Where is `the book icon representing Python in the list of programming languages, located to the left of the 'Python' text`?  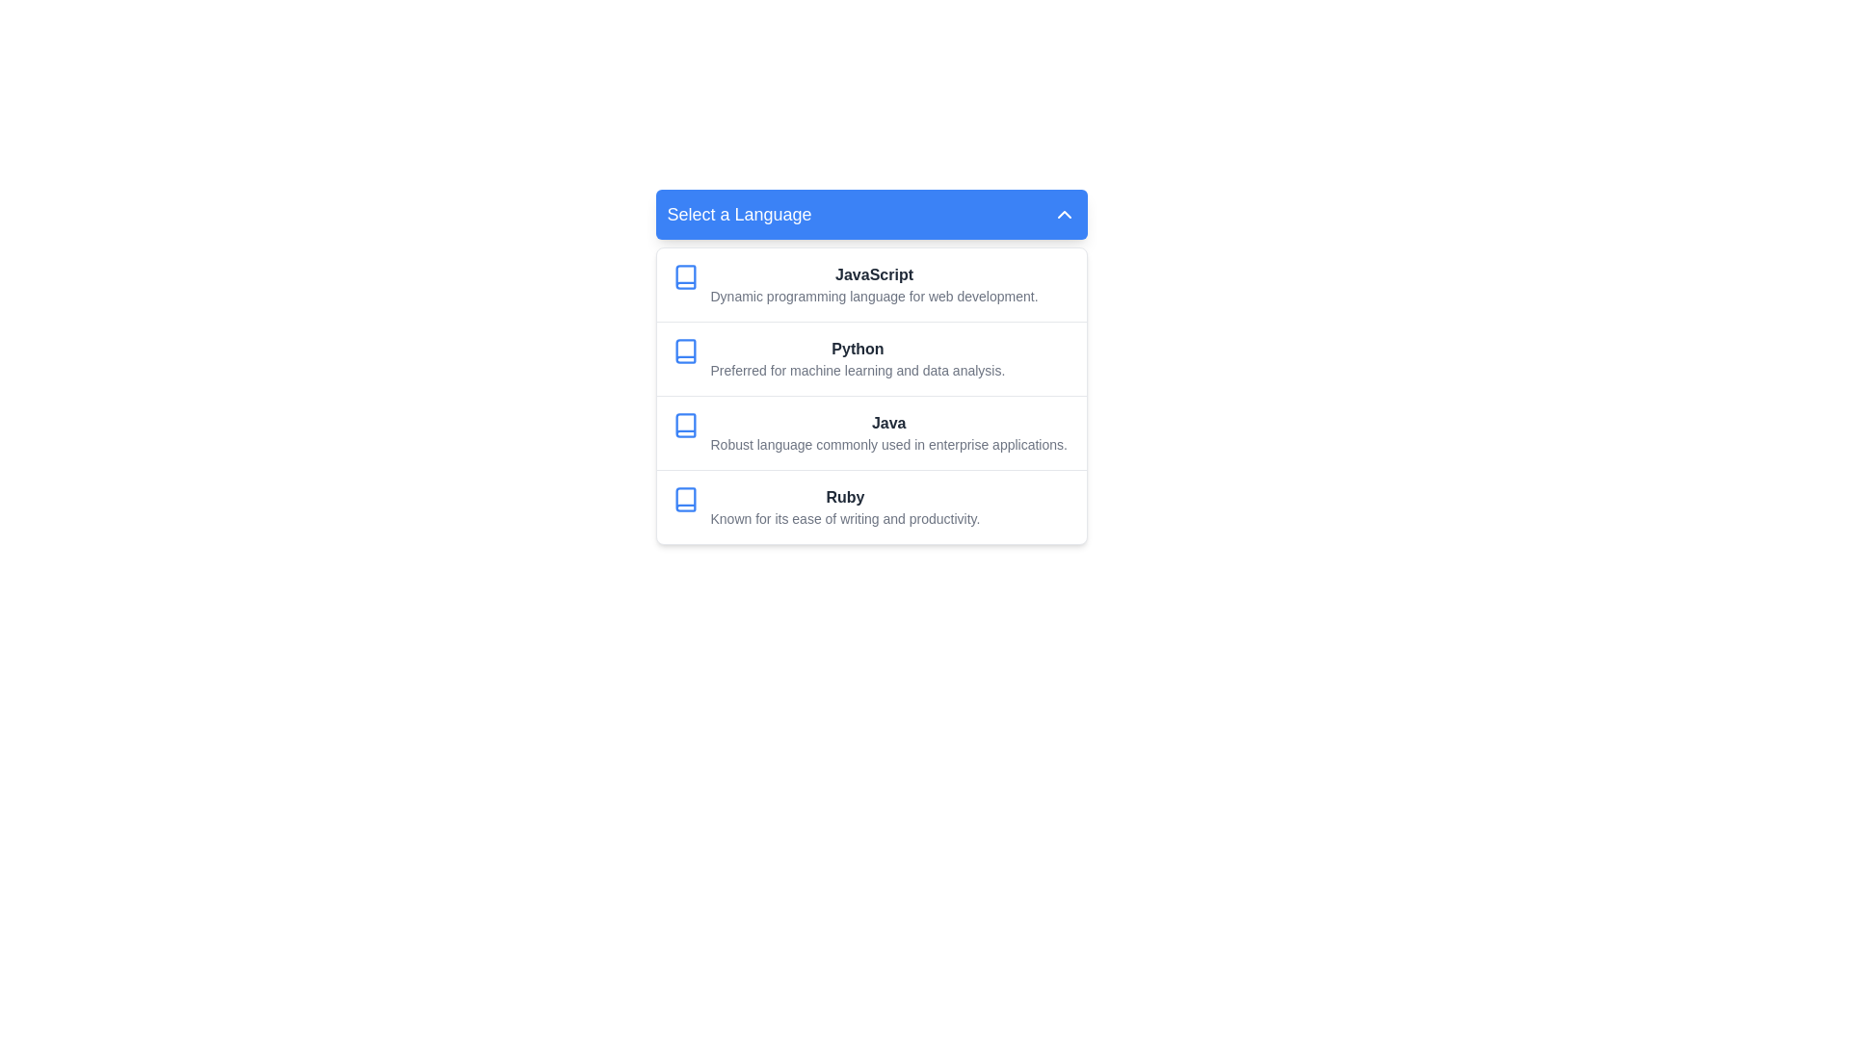
the book icon representing Python in the list of programming languages, located to the left of the 'Python' text is located at coordinates (685, 351).